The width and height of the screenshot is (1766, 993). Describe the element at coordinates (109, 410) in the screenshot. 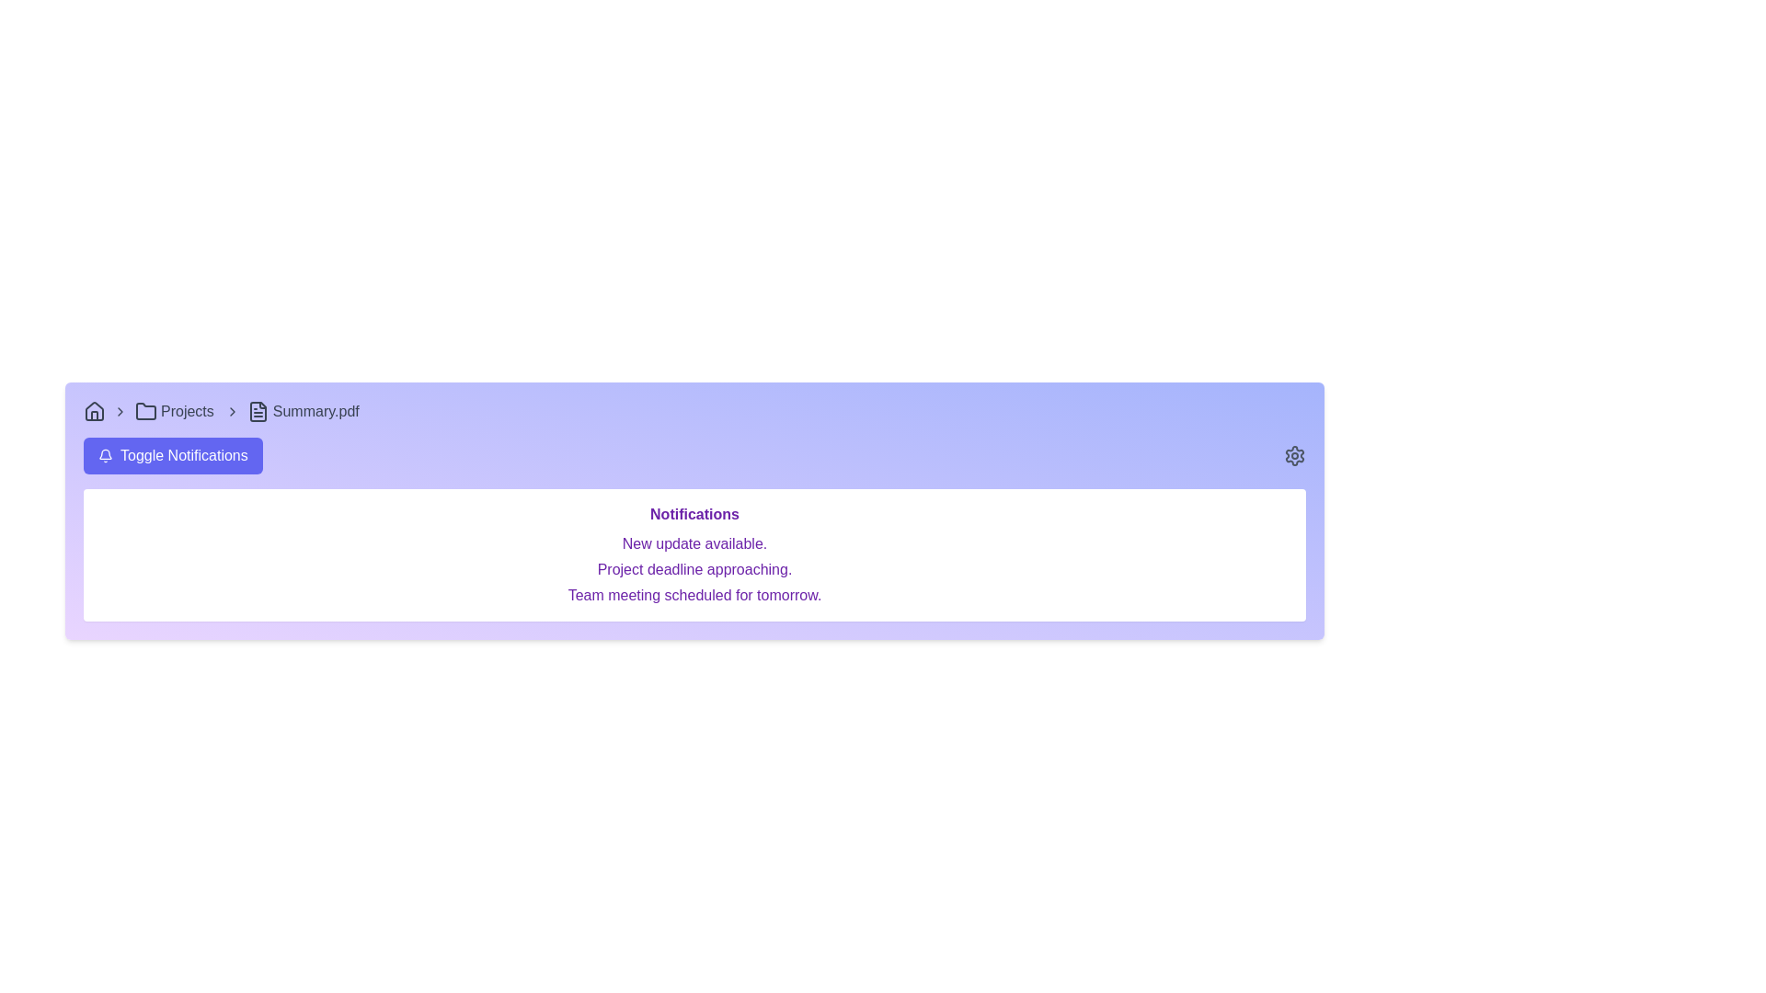

I see `the breadcrumb navigation item represented by a house icon with a chevron, located at the top-left of the interface` at that location.